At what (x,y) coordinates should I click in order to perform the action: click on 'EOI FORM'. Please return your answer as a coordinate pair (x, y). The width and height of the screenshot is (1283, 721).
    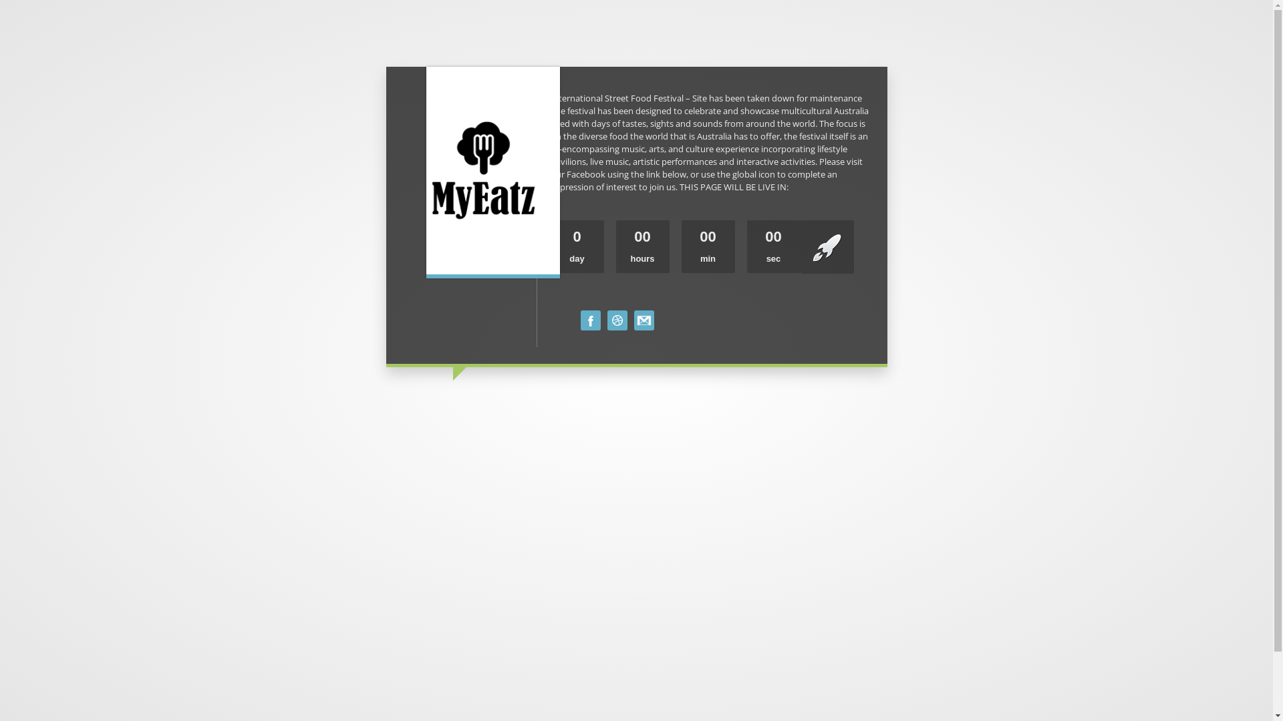
    Looking at the image, I should click on (615, 320).